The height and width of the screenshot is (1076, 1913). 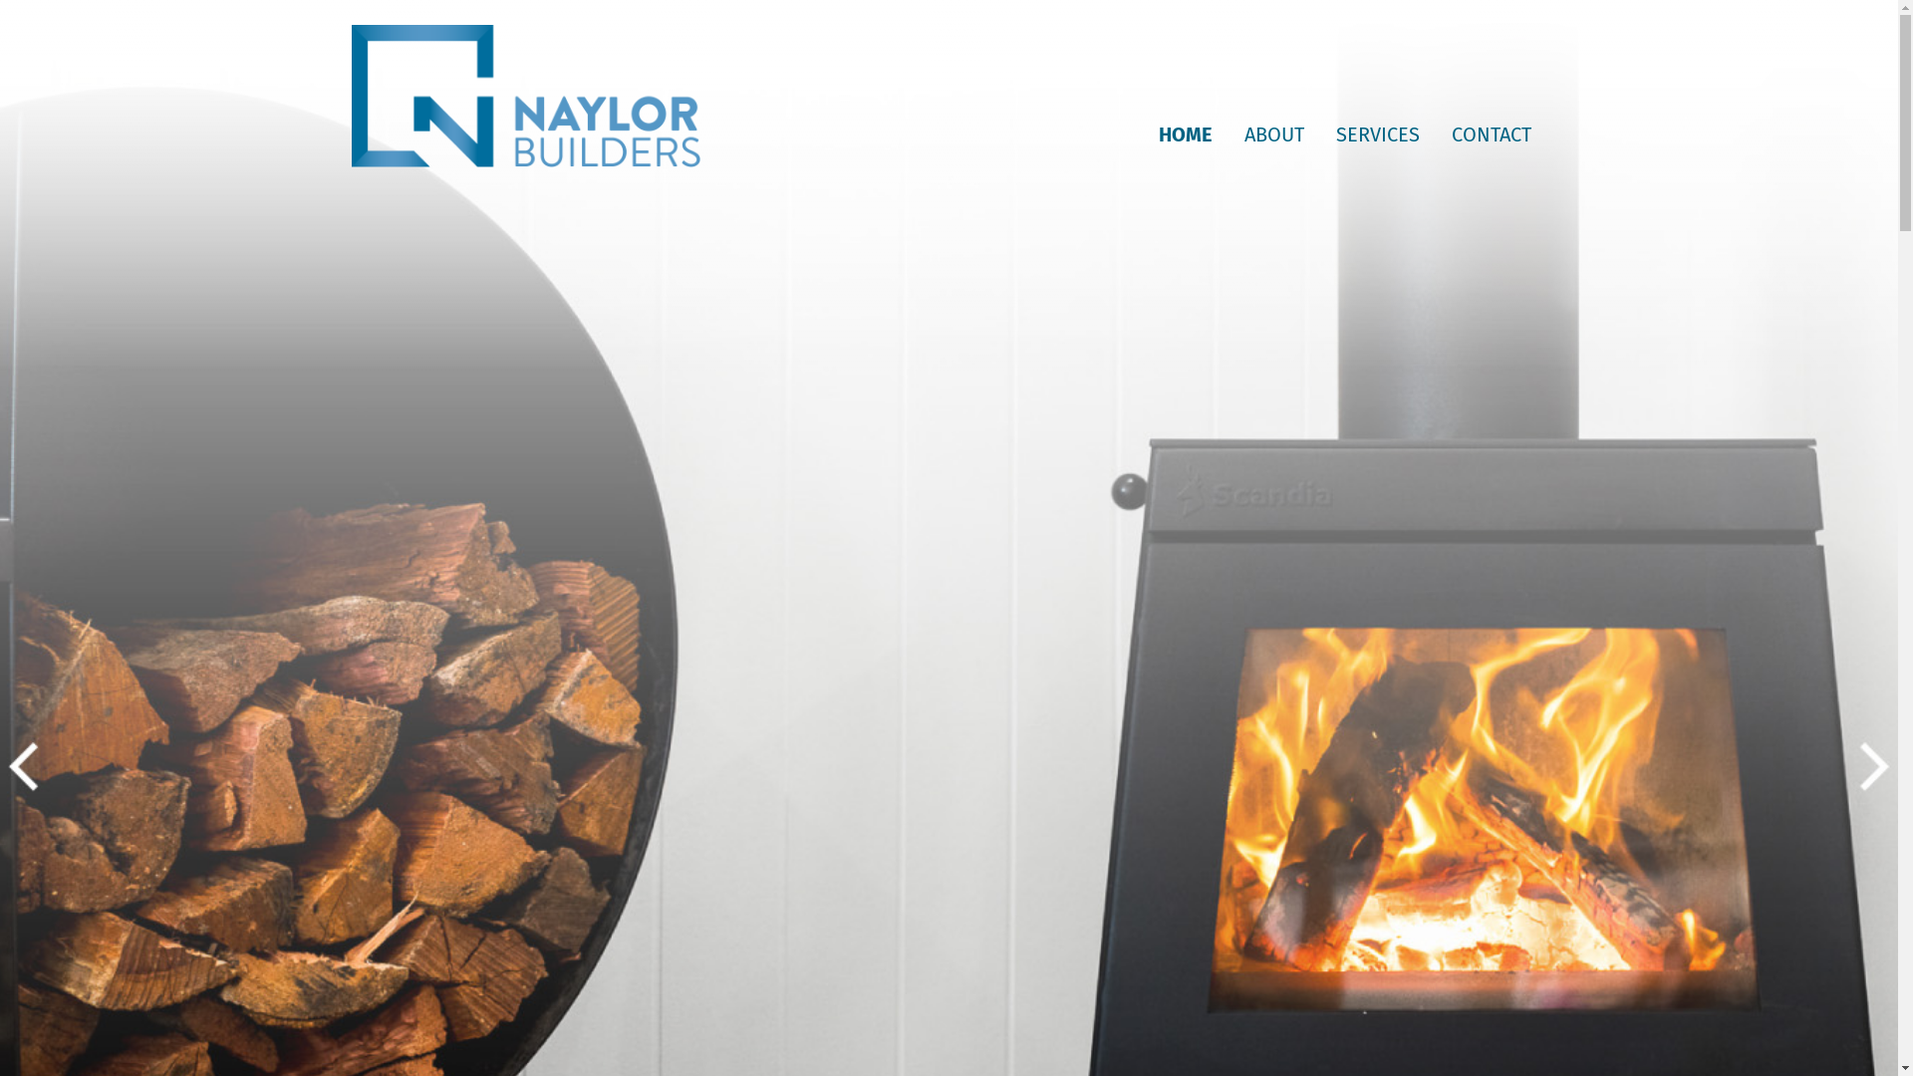 What do you see at coordinates (1376, 134) in the screenshot?
I see `'SERVICES'` at bounding box center [1376, 134].